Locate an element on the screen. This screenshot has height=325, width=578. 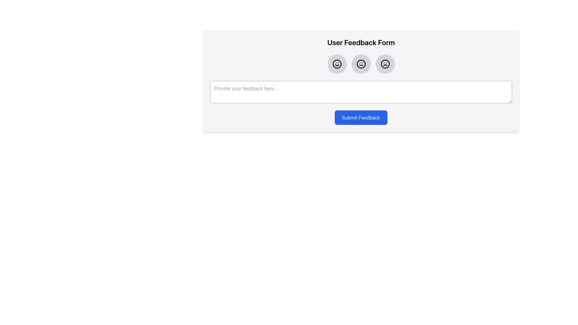
the neutral feedback button, which is the second circular icon with a neutral facial expression in the 'User Feedback Form' section is located at coordinates (361, 64).